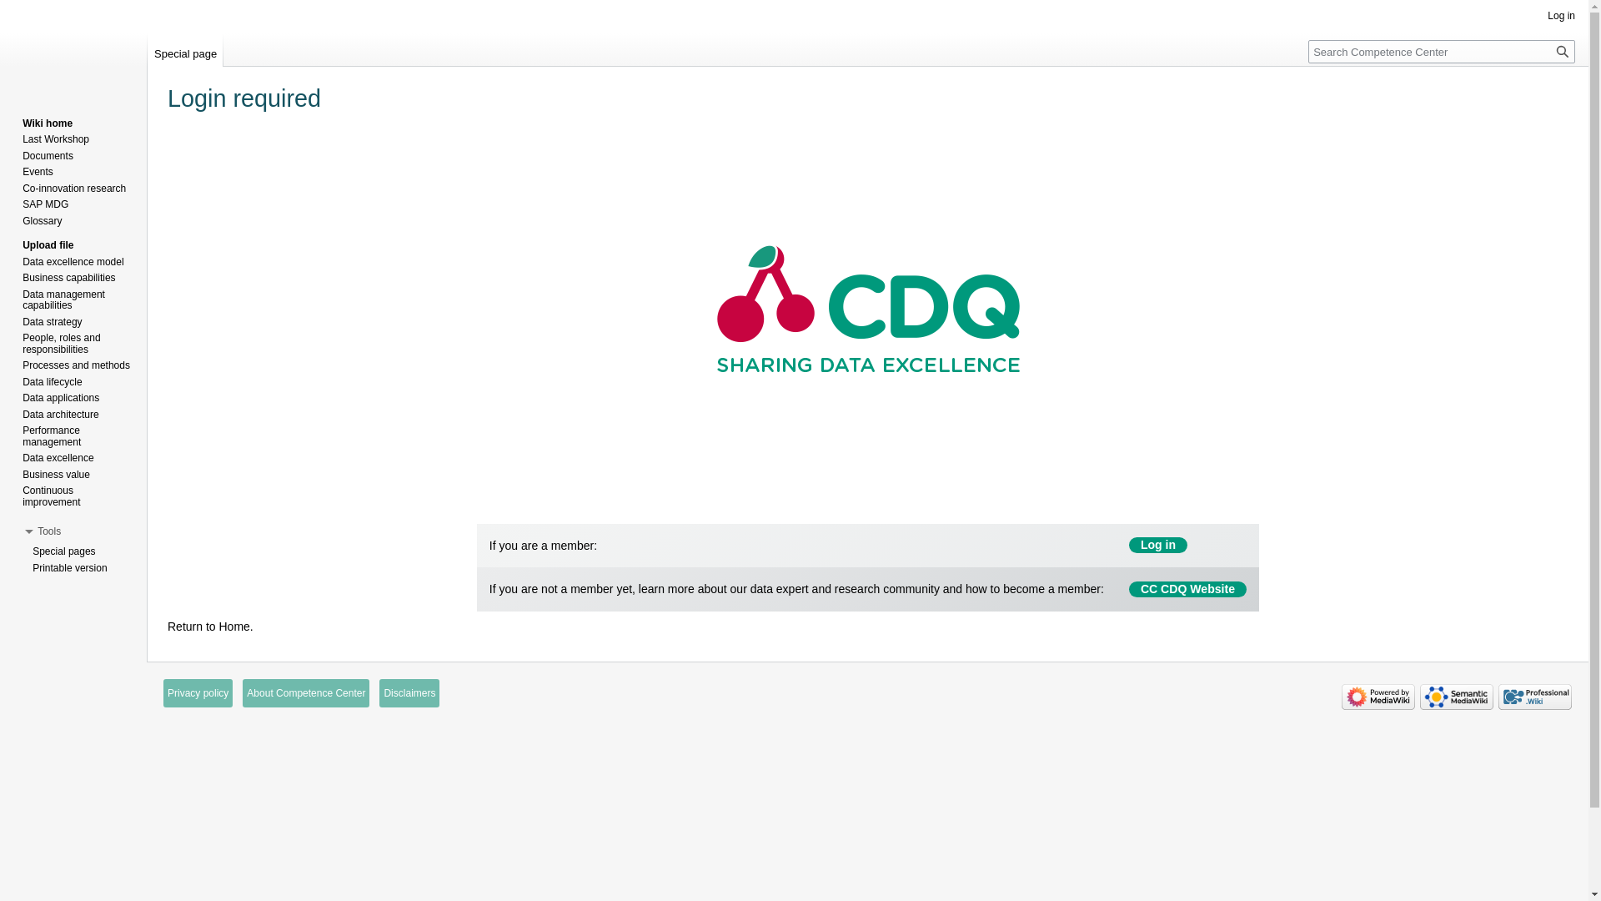 The height and width of the screenshot is (901, 1601). Describe the element at coordinates (185, 49) in the screenshot. I see `'Special page'` at that location.